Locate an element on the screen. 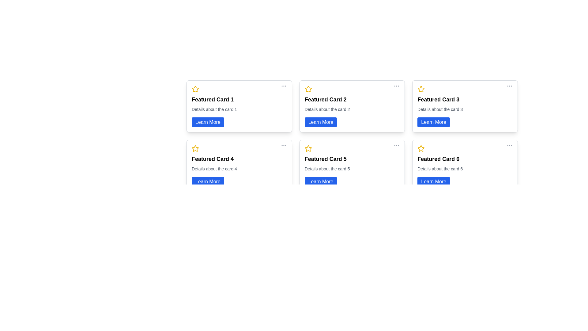 Image resolution: width=588 pixels, height=331 pixels. text element displaying 'Details about the card 4', which is located below the heading 'Featured Card 4' and above the 'Learn More' button in the fourth card of a grid layout is located at coordinates (214, 169).